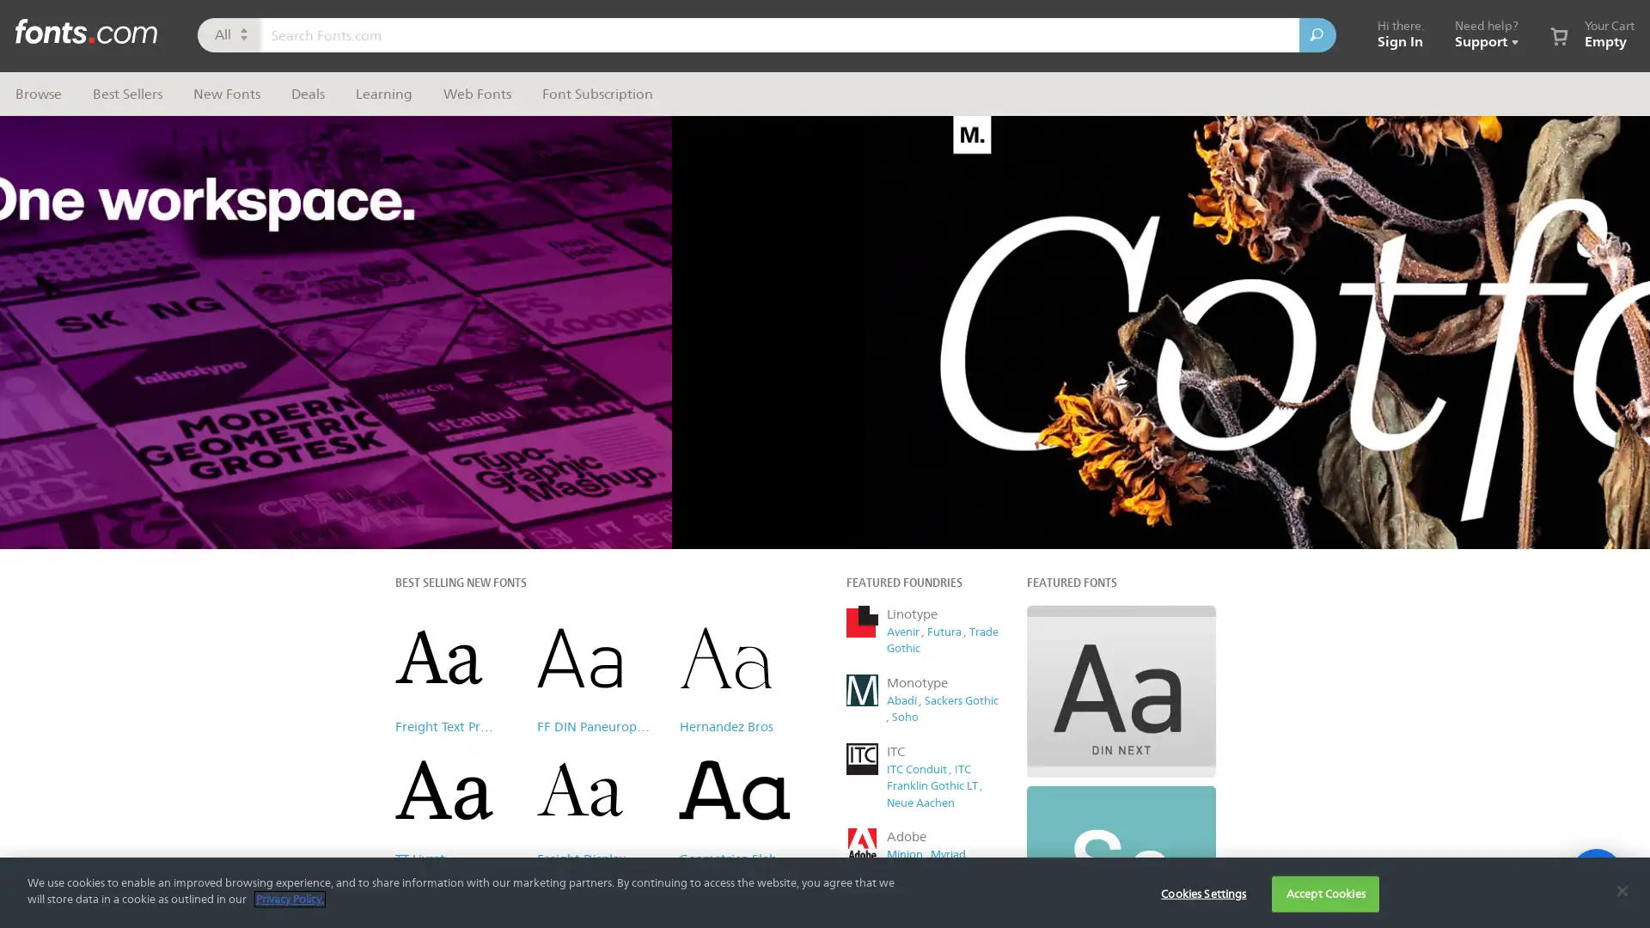 This screenshot has height=928, width=1650. Describe the element at coordinates (1621, 889) in the screenshot. I see `Close` at that location.